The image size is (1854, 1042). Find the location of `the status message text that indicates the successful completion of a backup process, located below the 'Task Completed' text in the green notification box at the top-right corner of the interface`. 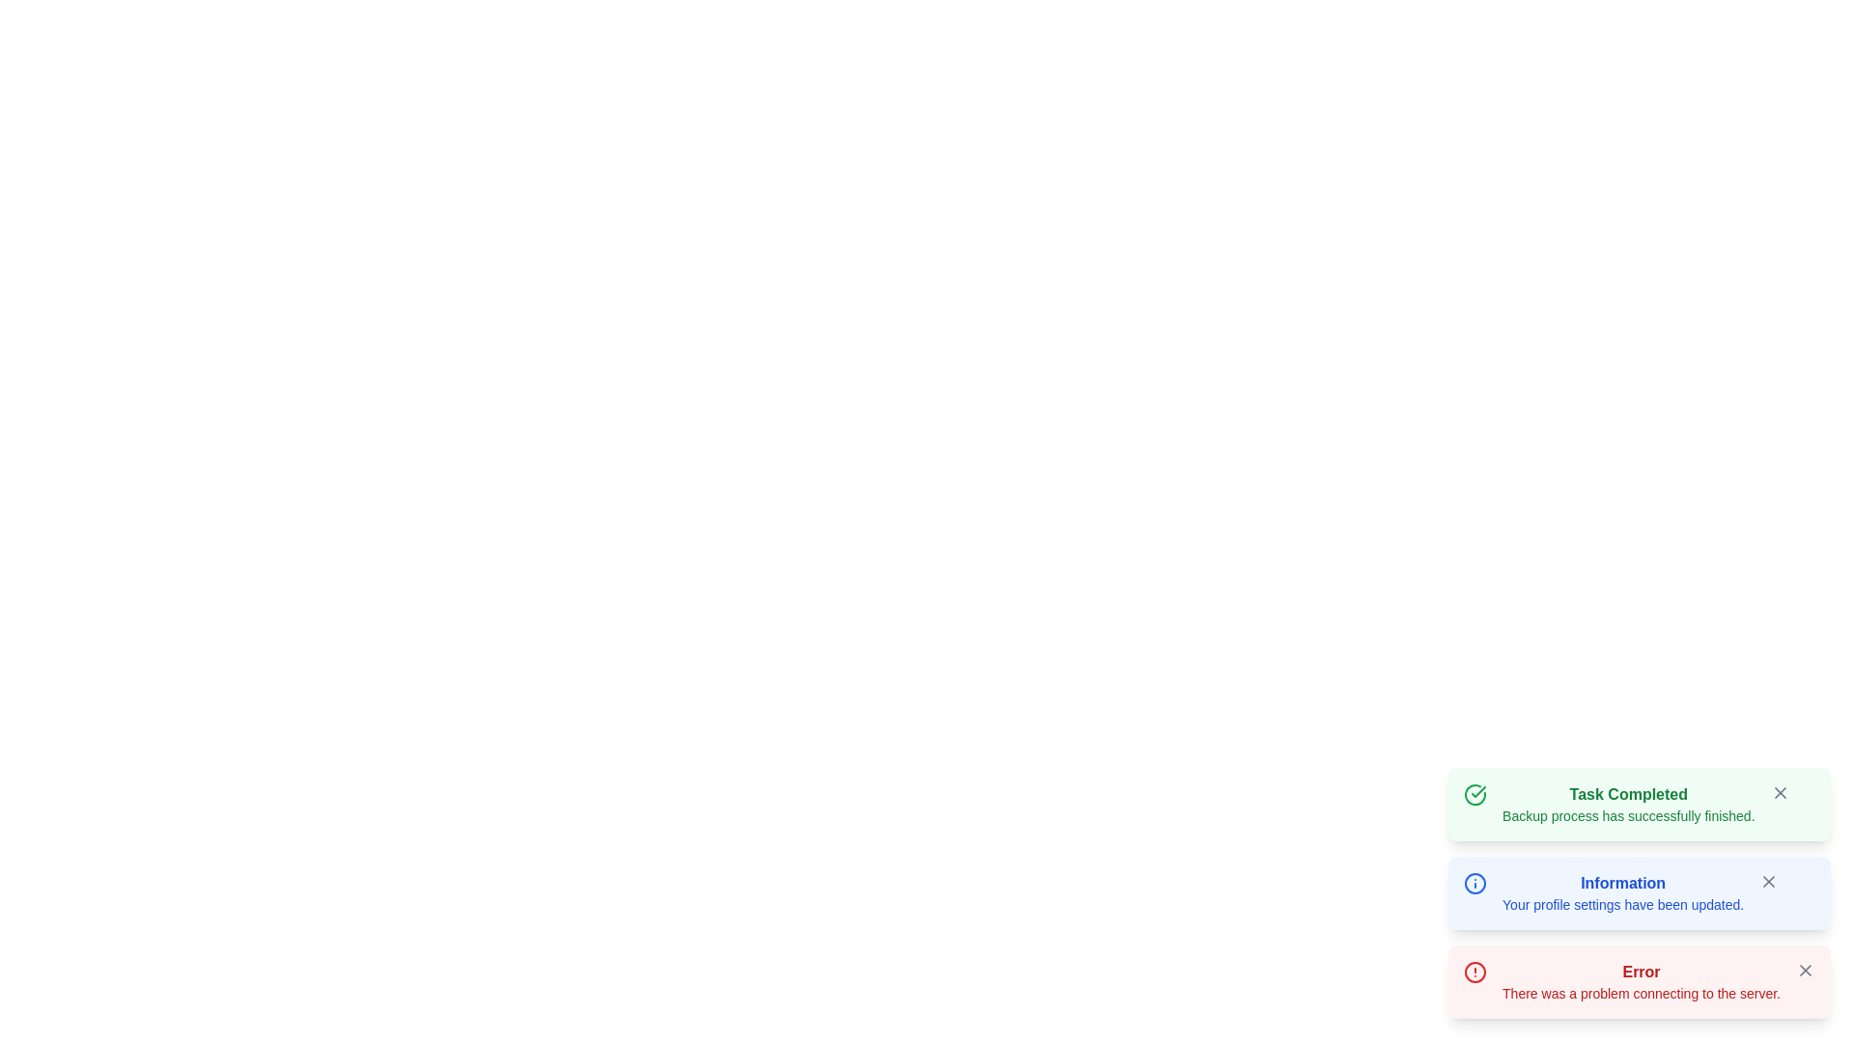

the status message text that indicates the successful completion of a backup process, located below the 'Task Completed' text in the green notification box at the top-right corner of the interface is located at coordinates (1627, 815).